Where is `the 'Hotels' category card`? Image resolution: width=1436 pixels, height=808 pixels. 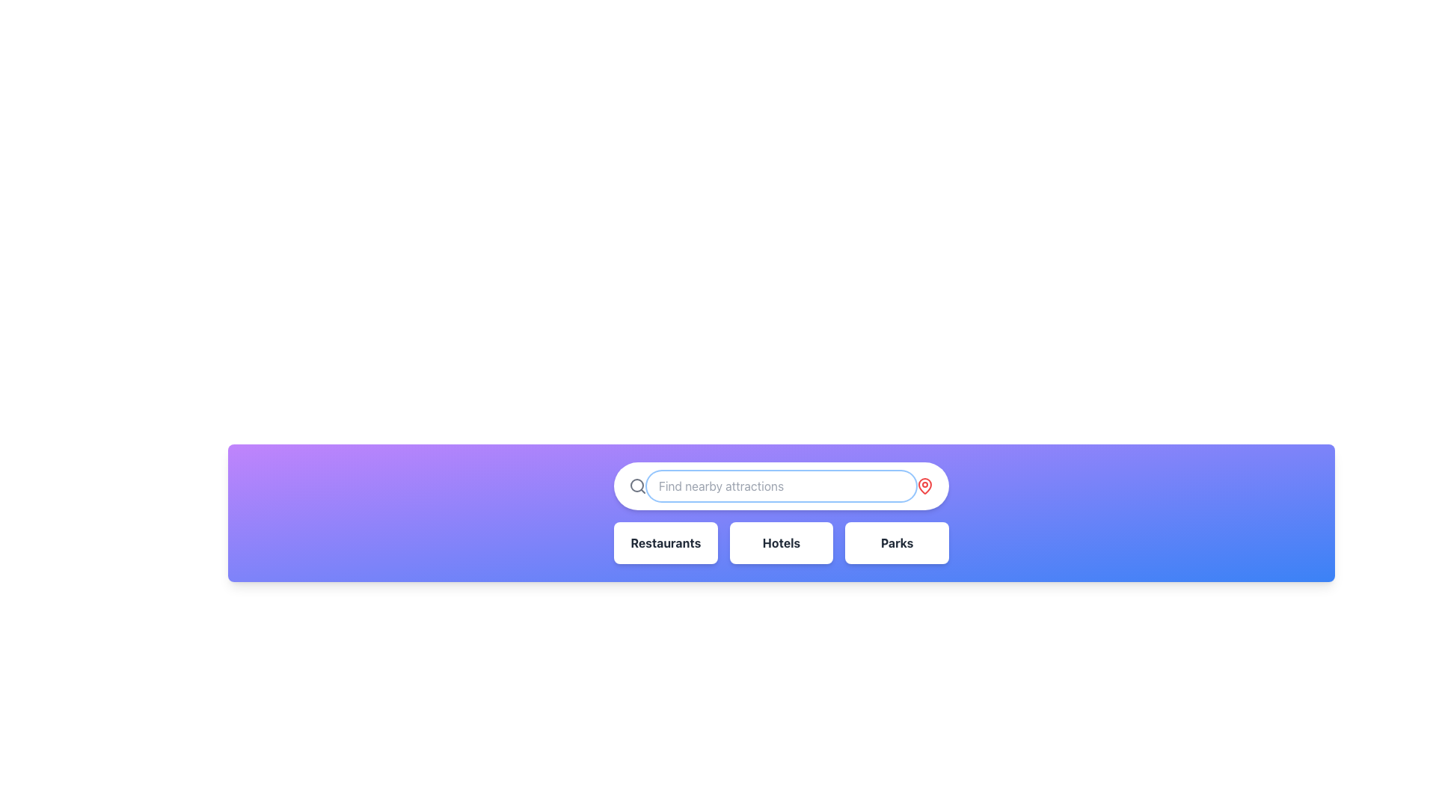
the 'Hotels' category card is located at coordinates (781, 542).